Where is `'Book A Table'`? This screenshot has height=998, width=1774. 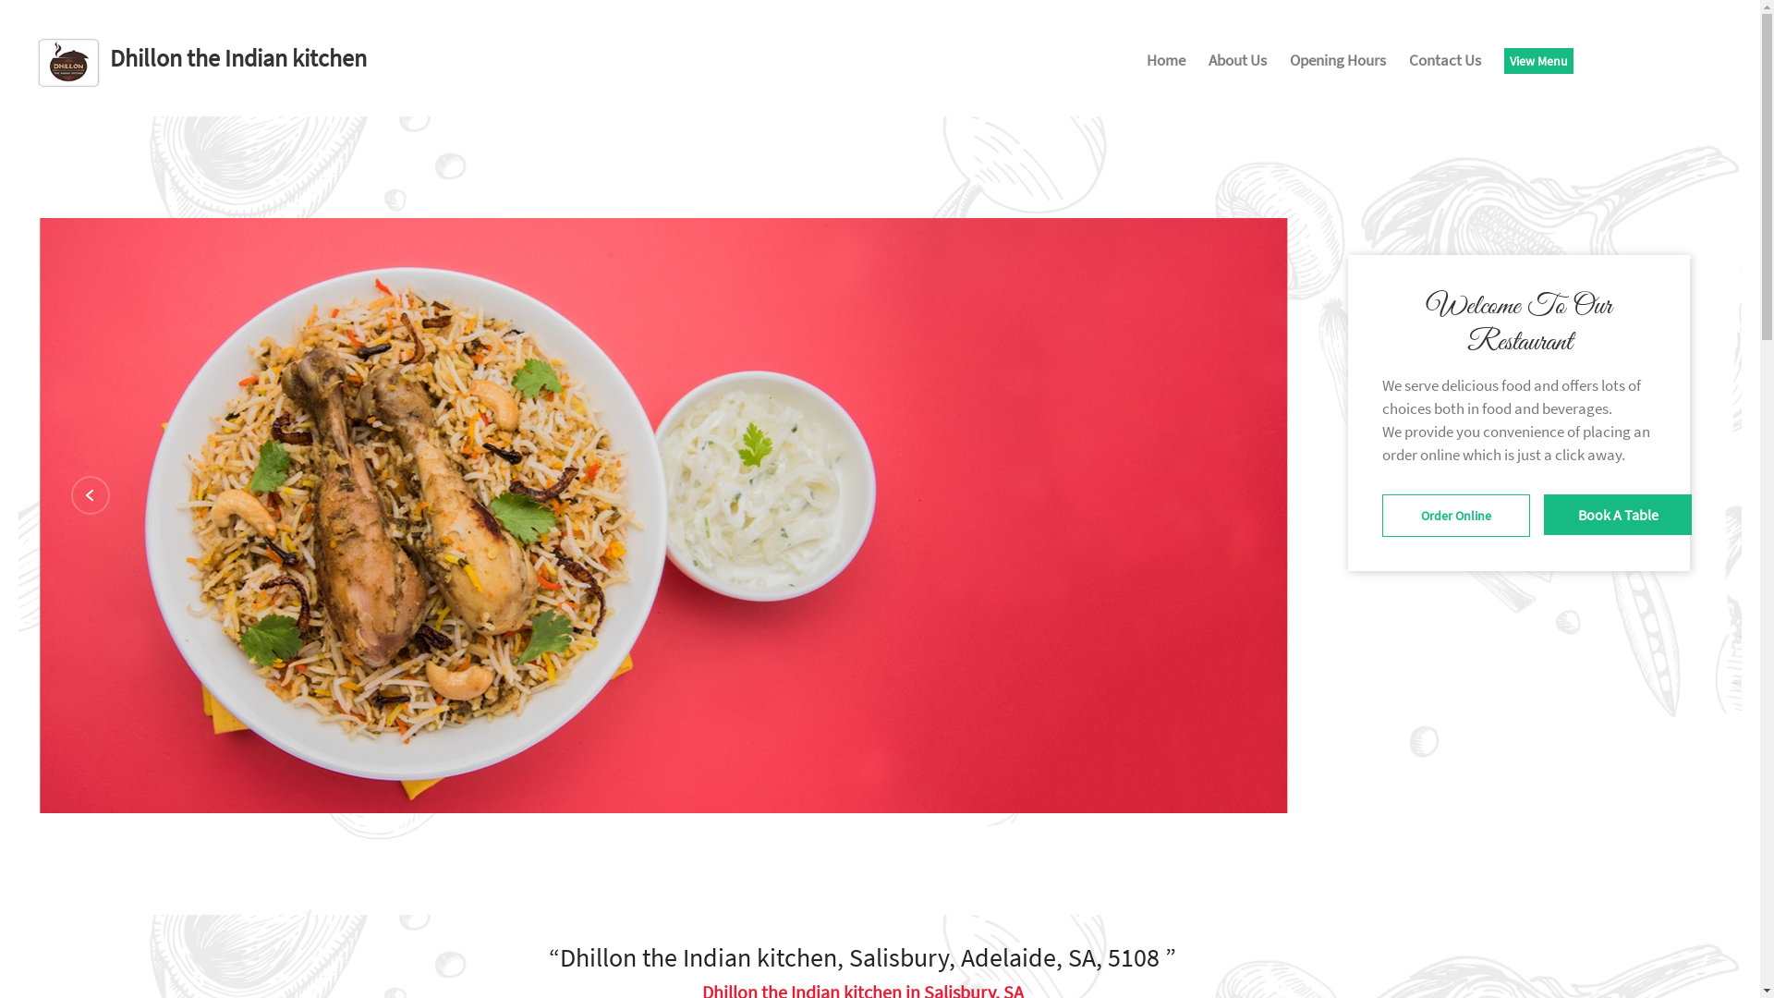
'Book A Table' is located at coordinates (1617, 514).